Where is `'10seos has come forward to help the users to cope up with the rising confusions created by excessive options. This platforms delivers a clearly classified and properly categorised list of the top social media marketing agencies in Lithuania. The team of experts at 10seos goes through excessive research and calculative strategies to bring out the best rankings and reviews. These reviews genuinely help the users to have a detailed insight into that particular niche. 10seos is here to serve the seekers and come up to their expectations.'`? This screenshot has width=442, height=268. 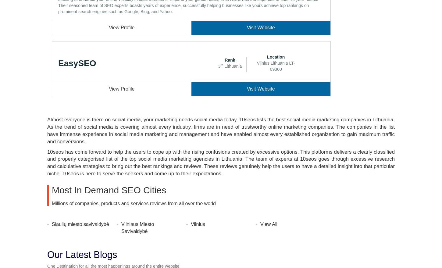
'10seos has come forward to help the users to cope up with the rising confusions created by excessive options. This platforms delivers a clearly classified and properly categorised list of the top social media marketing agencies in Lithuania. The team of experts at 10seos goes through excessive research and calculative strategies to bring out the best rankings and reviews. These reviews genuinely help the users to have a detailed insight into that particular niche. 10seos is here to serve the seekers and come up to their expectations.' is located at coordinates (47, 163).